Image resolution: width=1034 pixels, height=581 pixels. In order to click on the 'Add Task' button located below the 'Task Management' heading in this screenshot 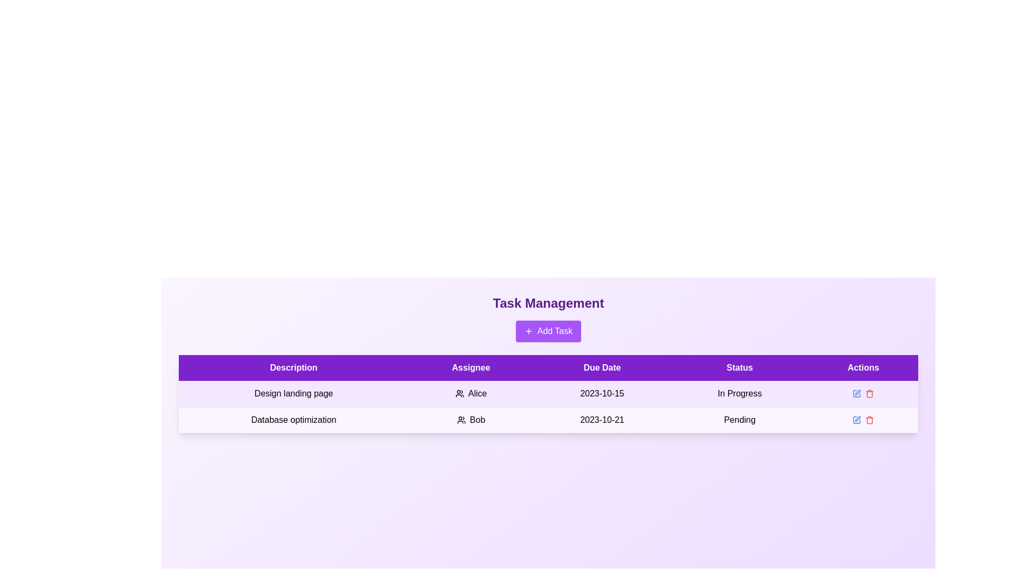, I will do `click(548, 317)`.